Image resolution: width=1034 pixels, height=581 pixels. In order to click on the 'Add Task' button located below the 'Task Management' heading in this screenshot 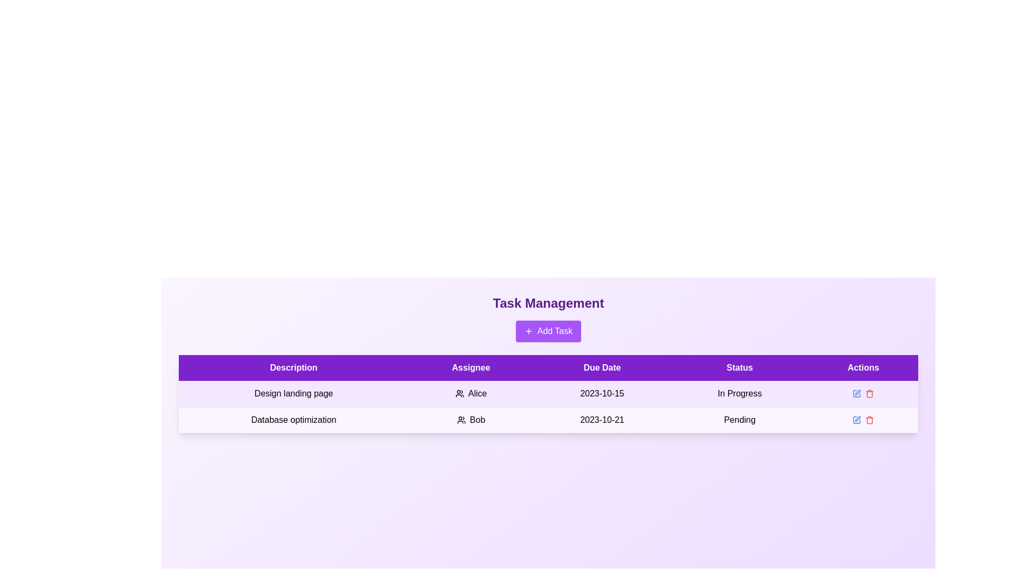, I will do `click(548, 317)`.